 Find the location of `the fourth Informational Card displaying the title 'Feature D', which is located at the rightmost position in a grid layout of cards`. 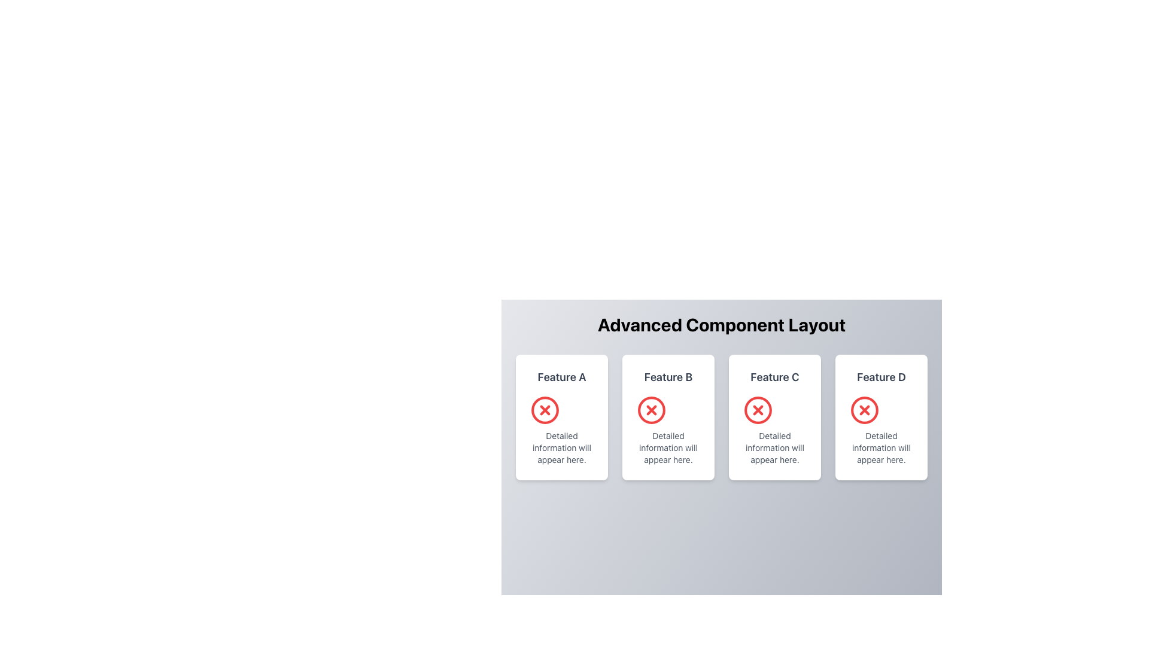

the fourth Informational Card displaying the title 'Feature D', which is located at the rightmost position in a grid layout of cards is located at coordinates (881, 417).